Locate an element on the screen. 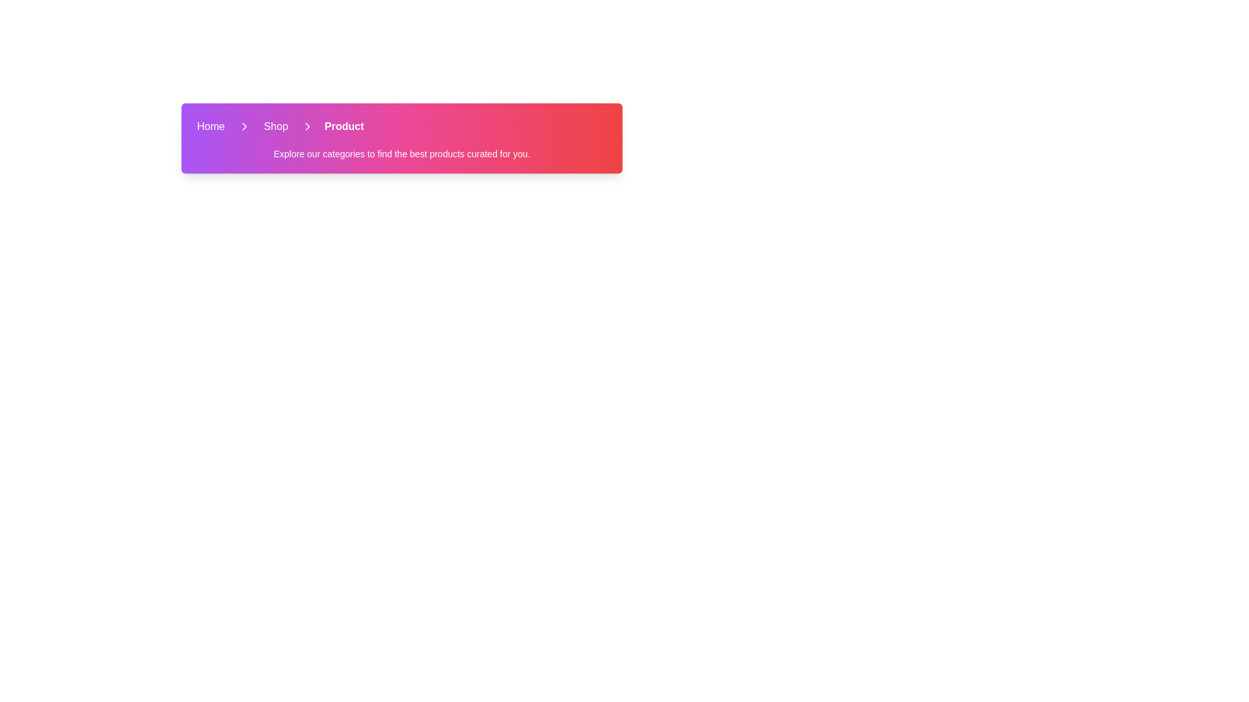 The width and height of the screenshot is (1249, 702). the right-facing chevron icon located in the breadcrumb navigation bar between 'Shop' and 'Product' is located at coordinates (244, 127).